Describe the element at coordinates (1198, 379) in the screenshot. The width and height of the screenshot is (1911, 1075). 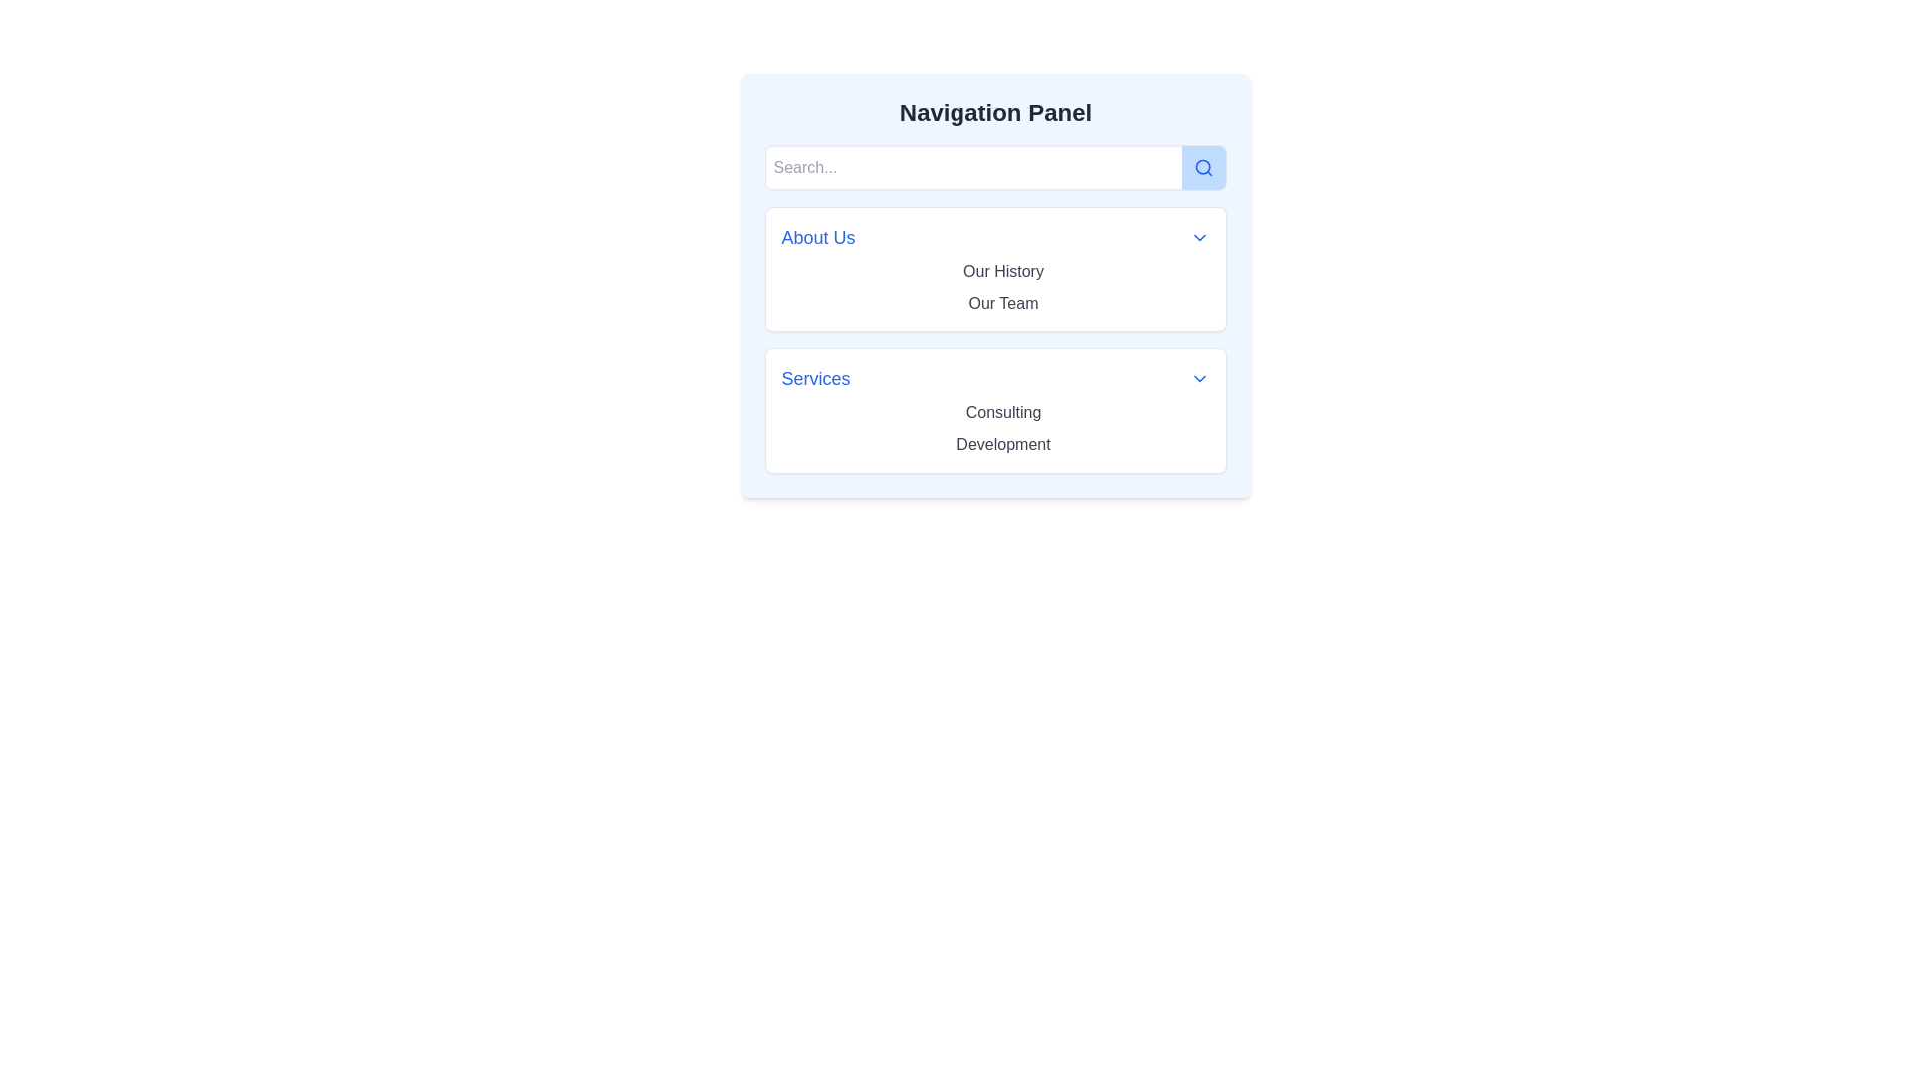
I see `the Dropdown toggle icon located at the bottom right of the 'Services' section header to potentially view a tooltip` at that location.